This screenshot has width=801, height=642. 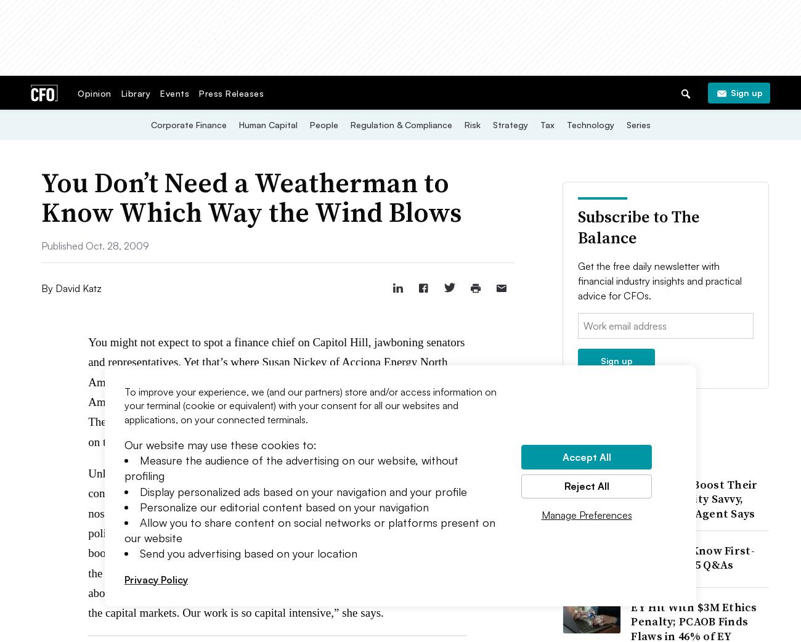 What do you see at coordinates (400, 124) in the screenshot?
I see `'Regulation & Compliance'` at bounding box center [400, 124].